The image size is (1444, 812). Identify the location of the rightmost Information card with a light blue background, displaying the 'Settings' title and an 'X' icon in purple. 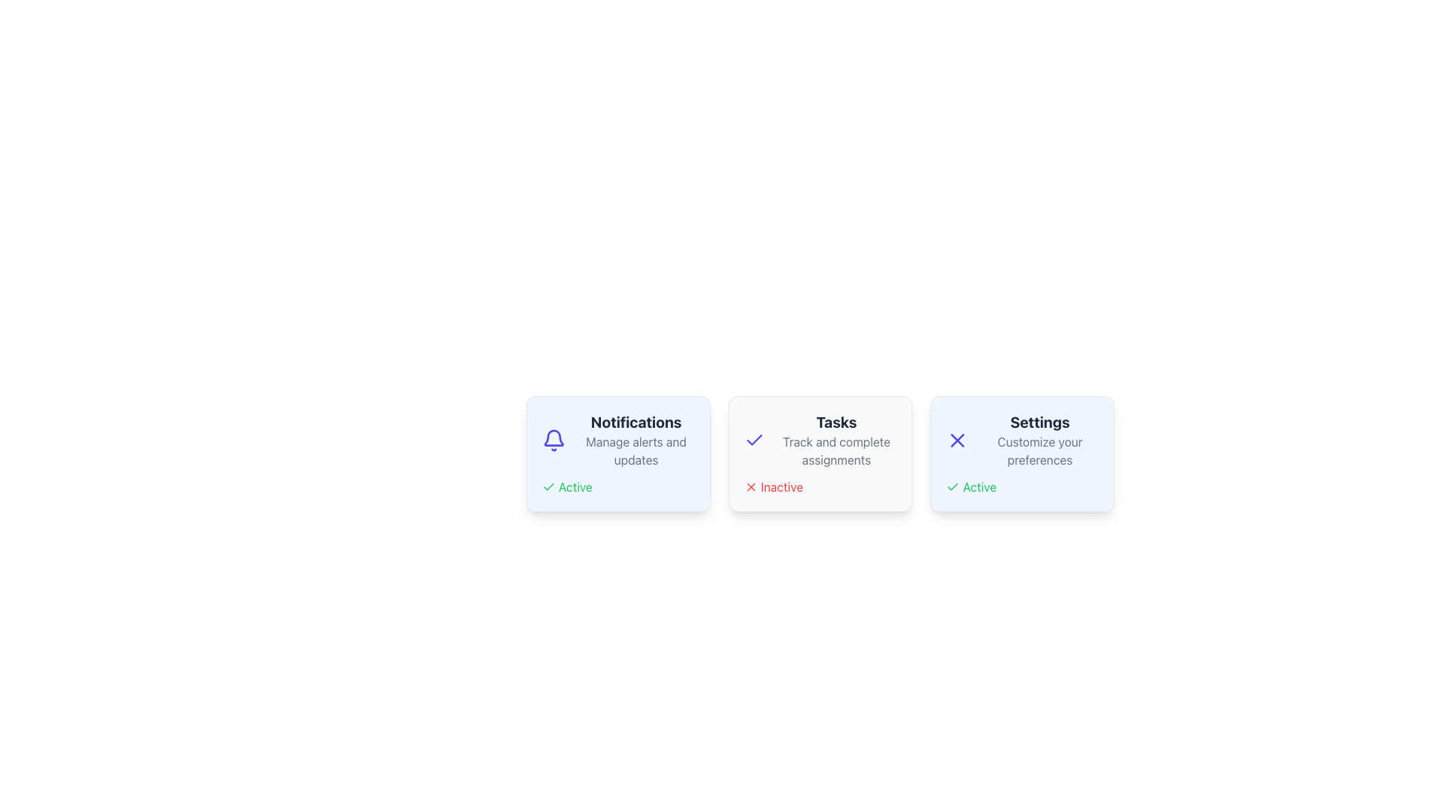
(1021, 453).